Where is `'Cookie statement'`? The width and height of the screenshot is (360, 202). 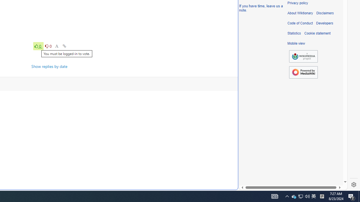
'Cookie statement' is located at coordinates (317, 33).